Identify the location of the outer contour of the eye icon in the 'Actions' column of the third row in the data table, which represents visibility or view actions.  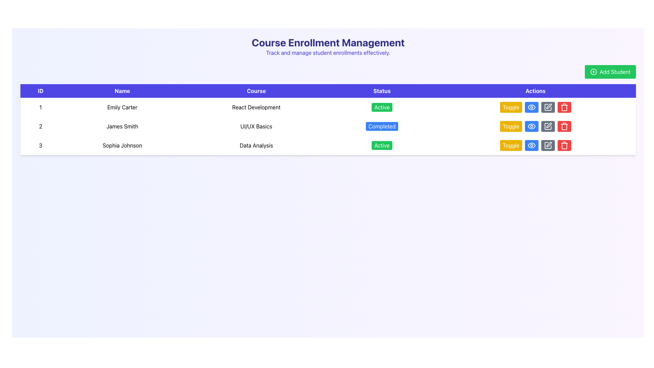
(531, 145).